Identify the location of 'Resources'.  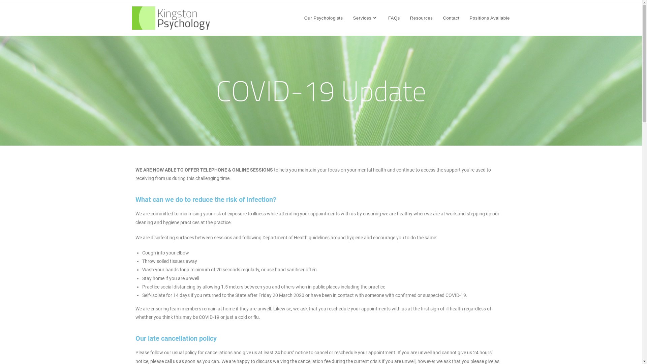
(404, 18).